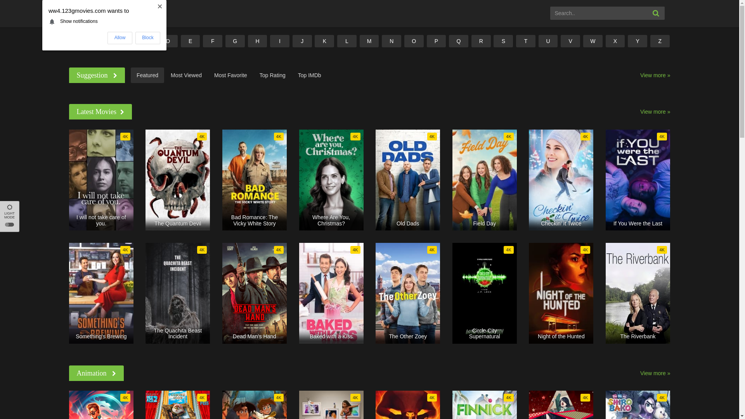 This screenshot has width=745, height=419. I want to click on 'Most Viewed', so click(186, 75).